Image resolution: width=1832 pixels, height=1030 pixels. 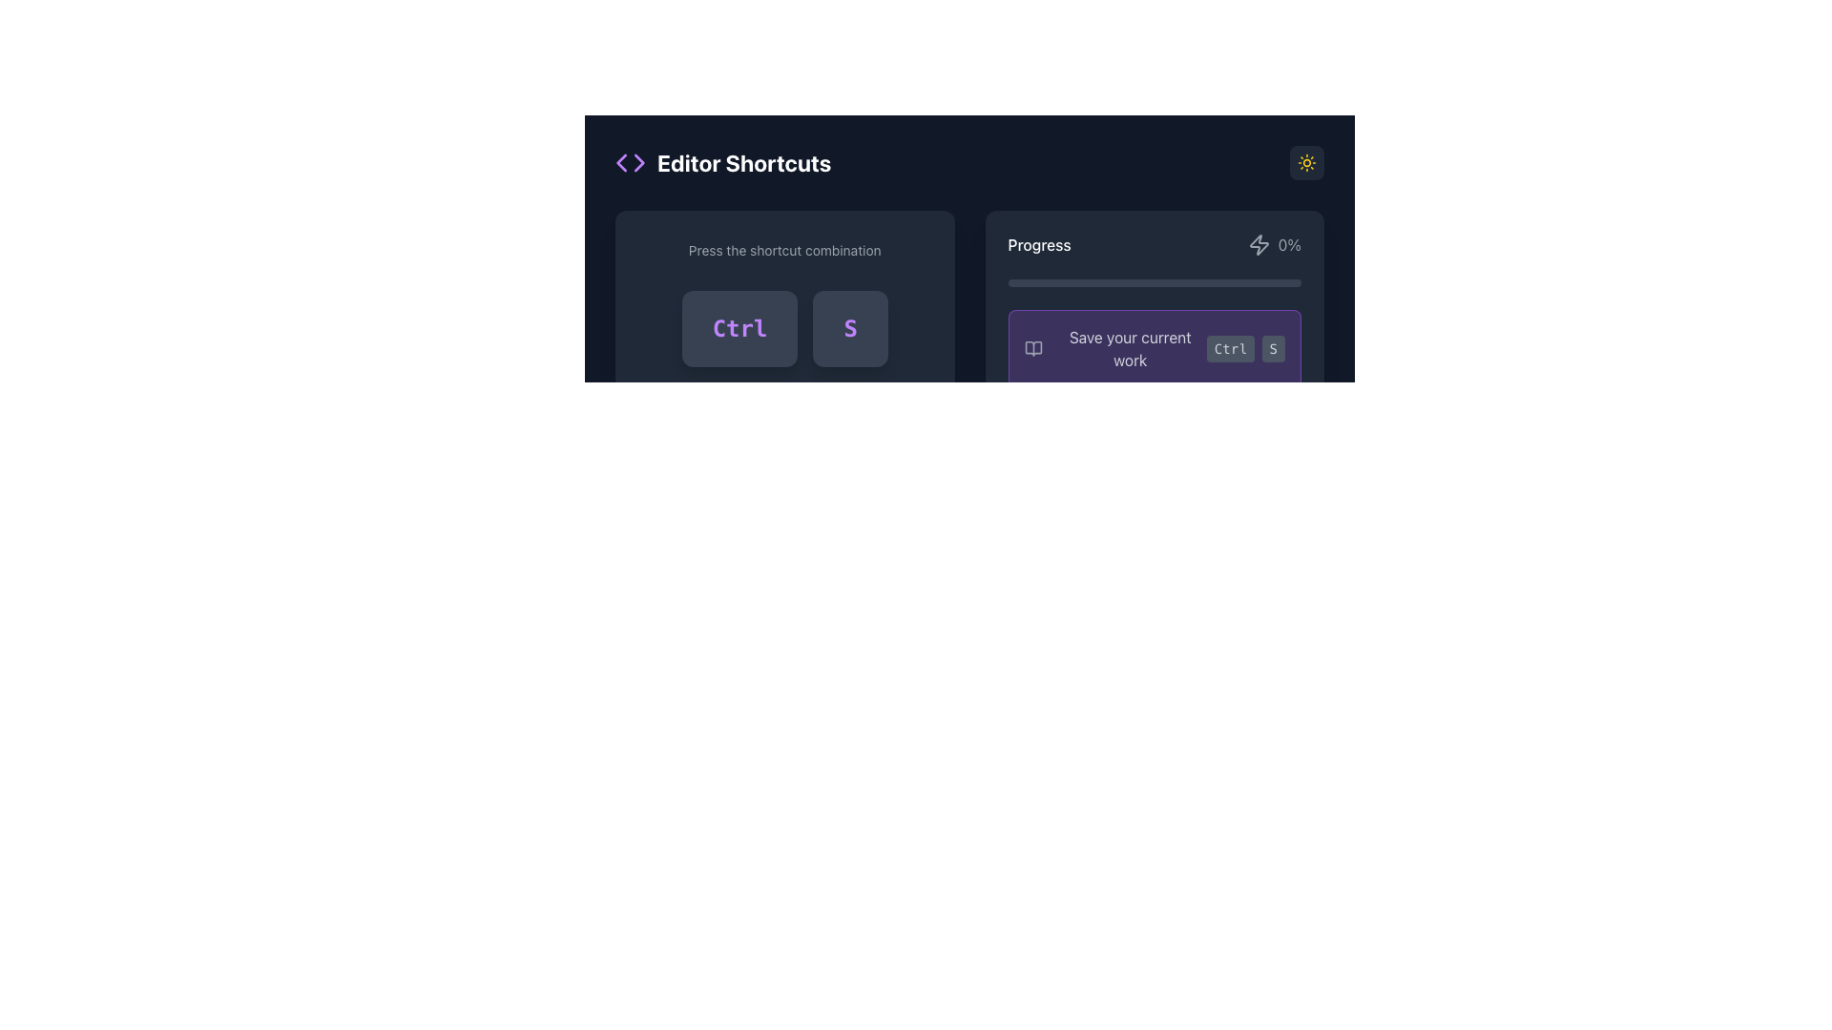 What do you see at coordinates (1115, 349) in the screenshot?
I see `the informational label indicating the save feature, which is centrally located within a rectangular box styled with a purple border and background highlight` at bounding box center [1115, 349].